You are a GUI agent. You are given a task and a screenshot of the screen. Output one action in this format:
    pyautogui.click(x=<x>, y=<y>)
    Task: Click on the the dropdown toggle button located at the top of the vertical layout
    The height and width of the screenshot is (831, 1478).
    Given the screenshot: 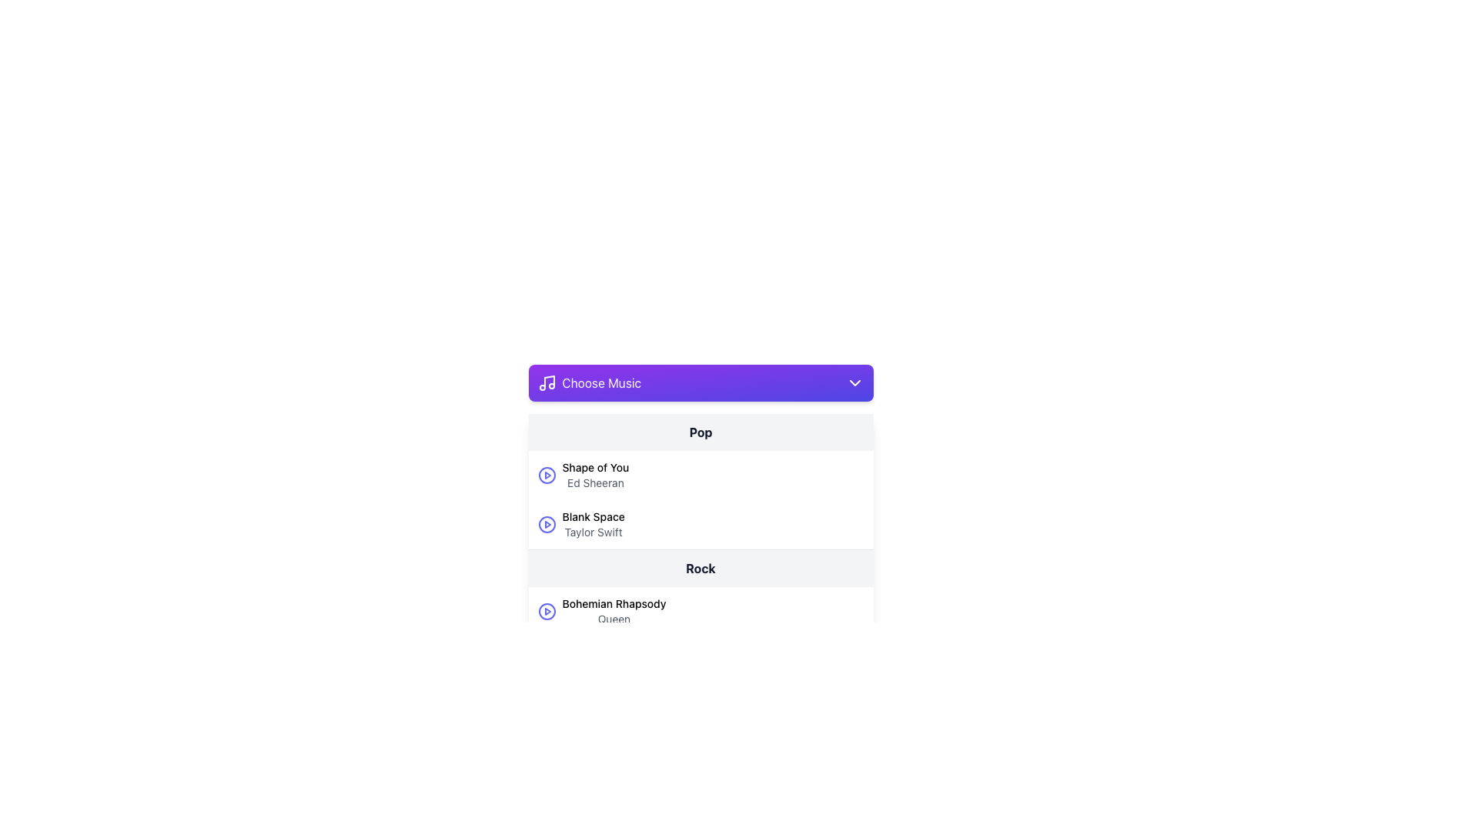 What is the action you would take?
    pyautogui.click(x=700, y=382)
    